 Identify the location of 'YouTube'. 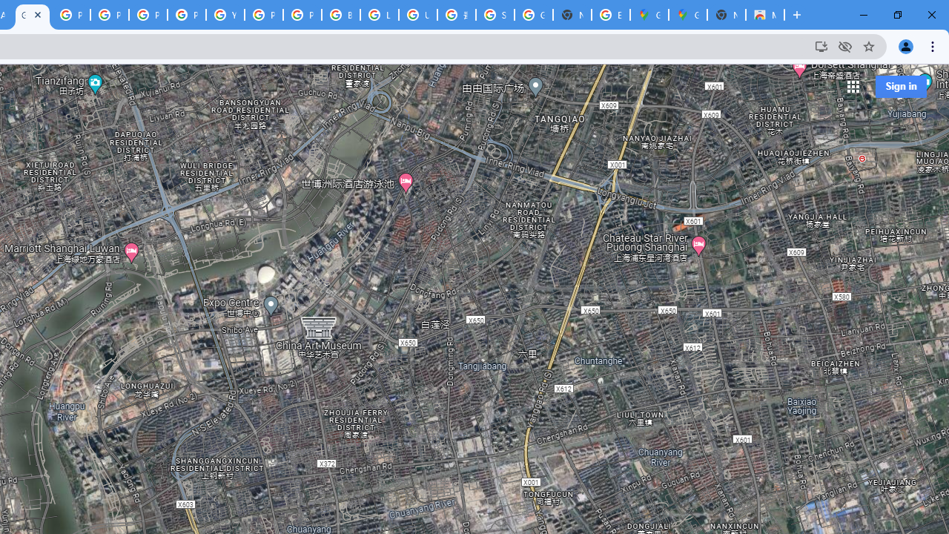
(225, 15).